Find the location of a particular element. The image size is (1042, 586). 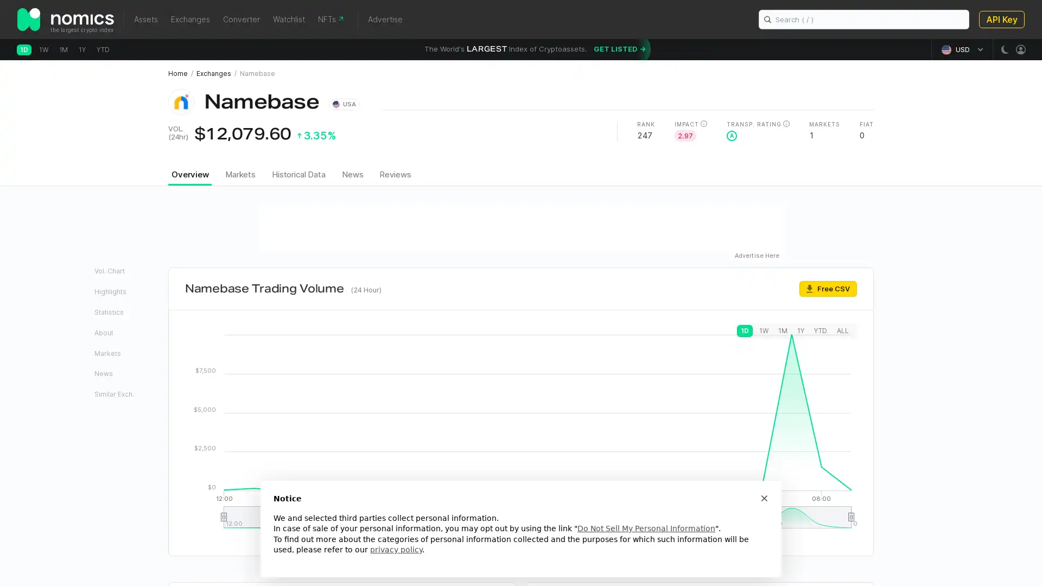

Free CSV is located at coordinates (828, 288).